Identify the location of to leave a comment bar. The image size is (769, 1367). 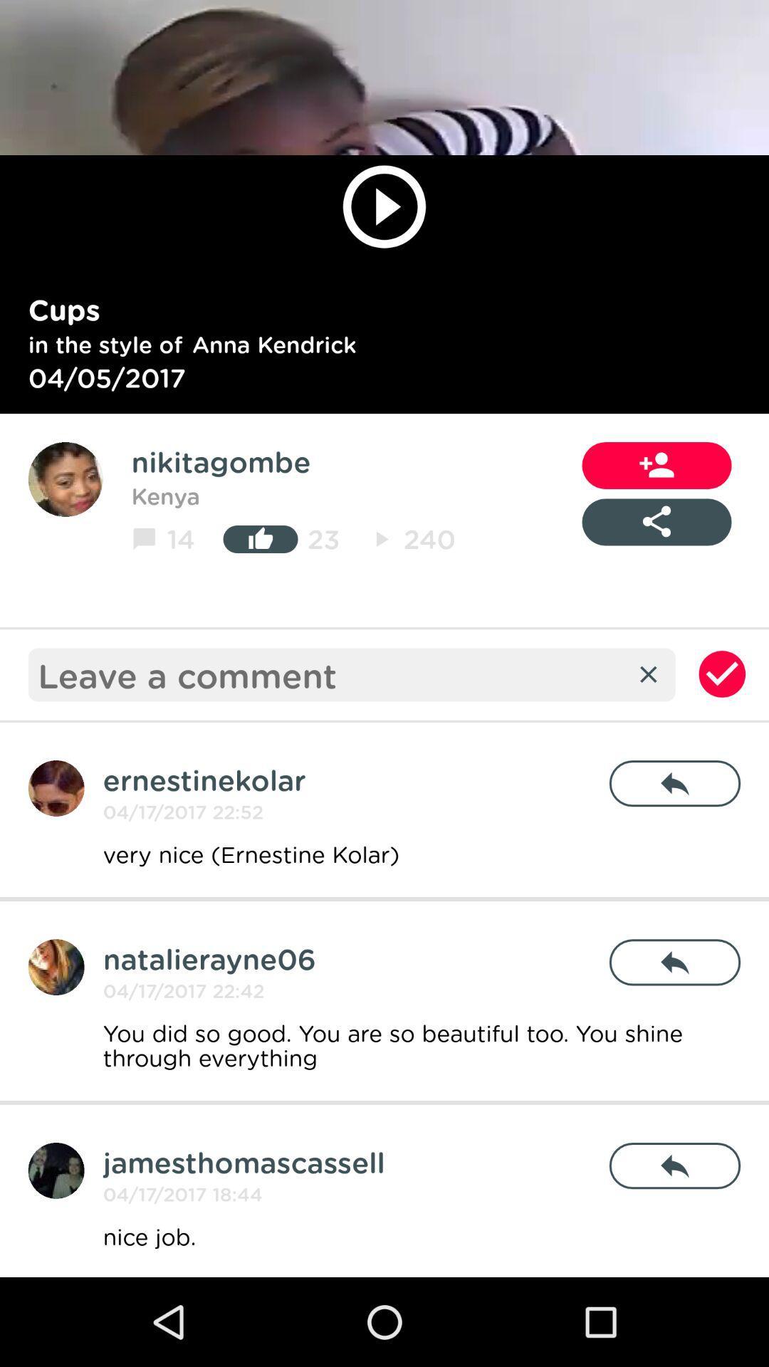
(331, 674).